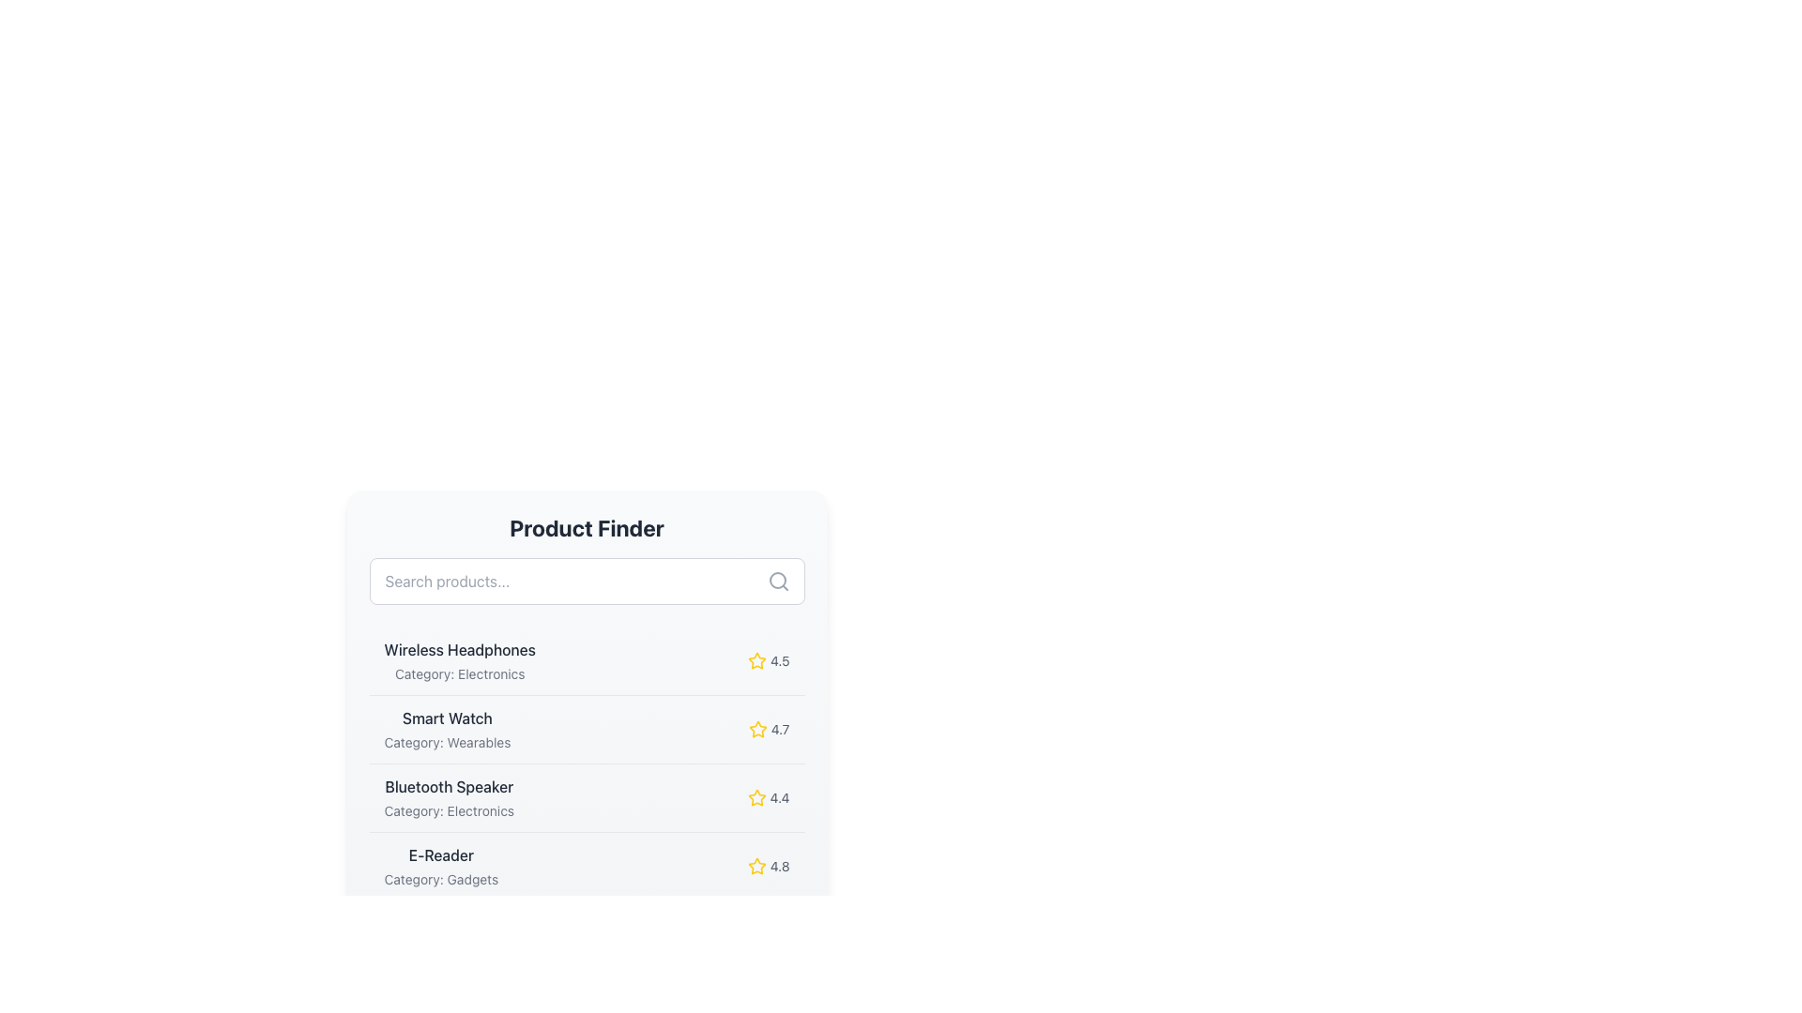  Describe the element at coordinates (586, 798) in the screenshot. I see `the third entry labeled 'Bluetooth Speaker' in the 'Product Finder' list, which is styled with a gray color scheme and divided by horizontal lines` at that location.